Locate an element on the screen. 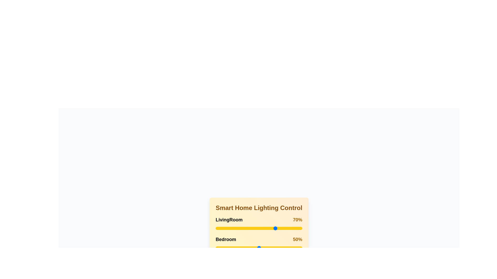 Image resolution: width=497 pixels, height=279 pixels. the text label titled 'Smart Home Lighting Control', which is prominently displayed at the top of a card-like structure with a gradient background is located at coordinates (259, 208).